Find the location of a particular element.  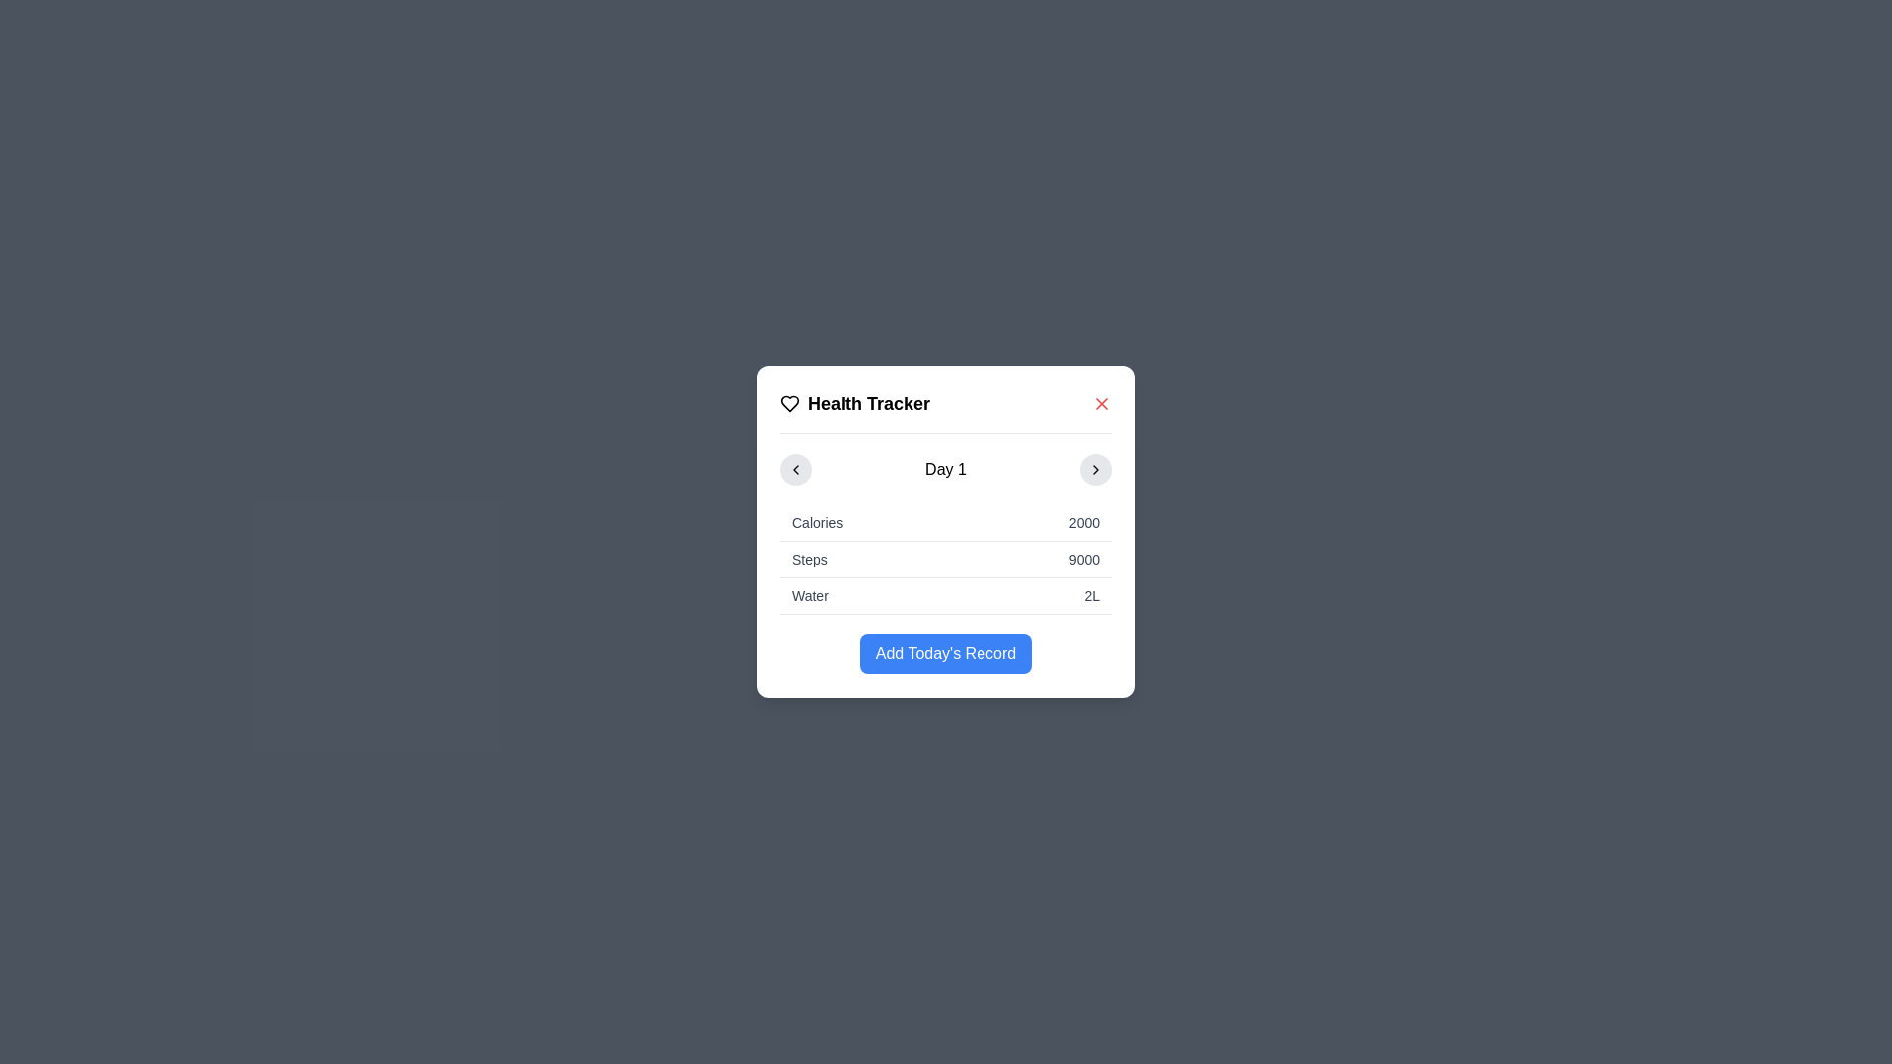

the text display showing the number '9000' located to the right of the label 'Steps' in the second row of a table within a modal dialog box is located at coordinates (1083, 559).